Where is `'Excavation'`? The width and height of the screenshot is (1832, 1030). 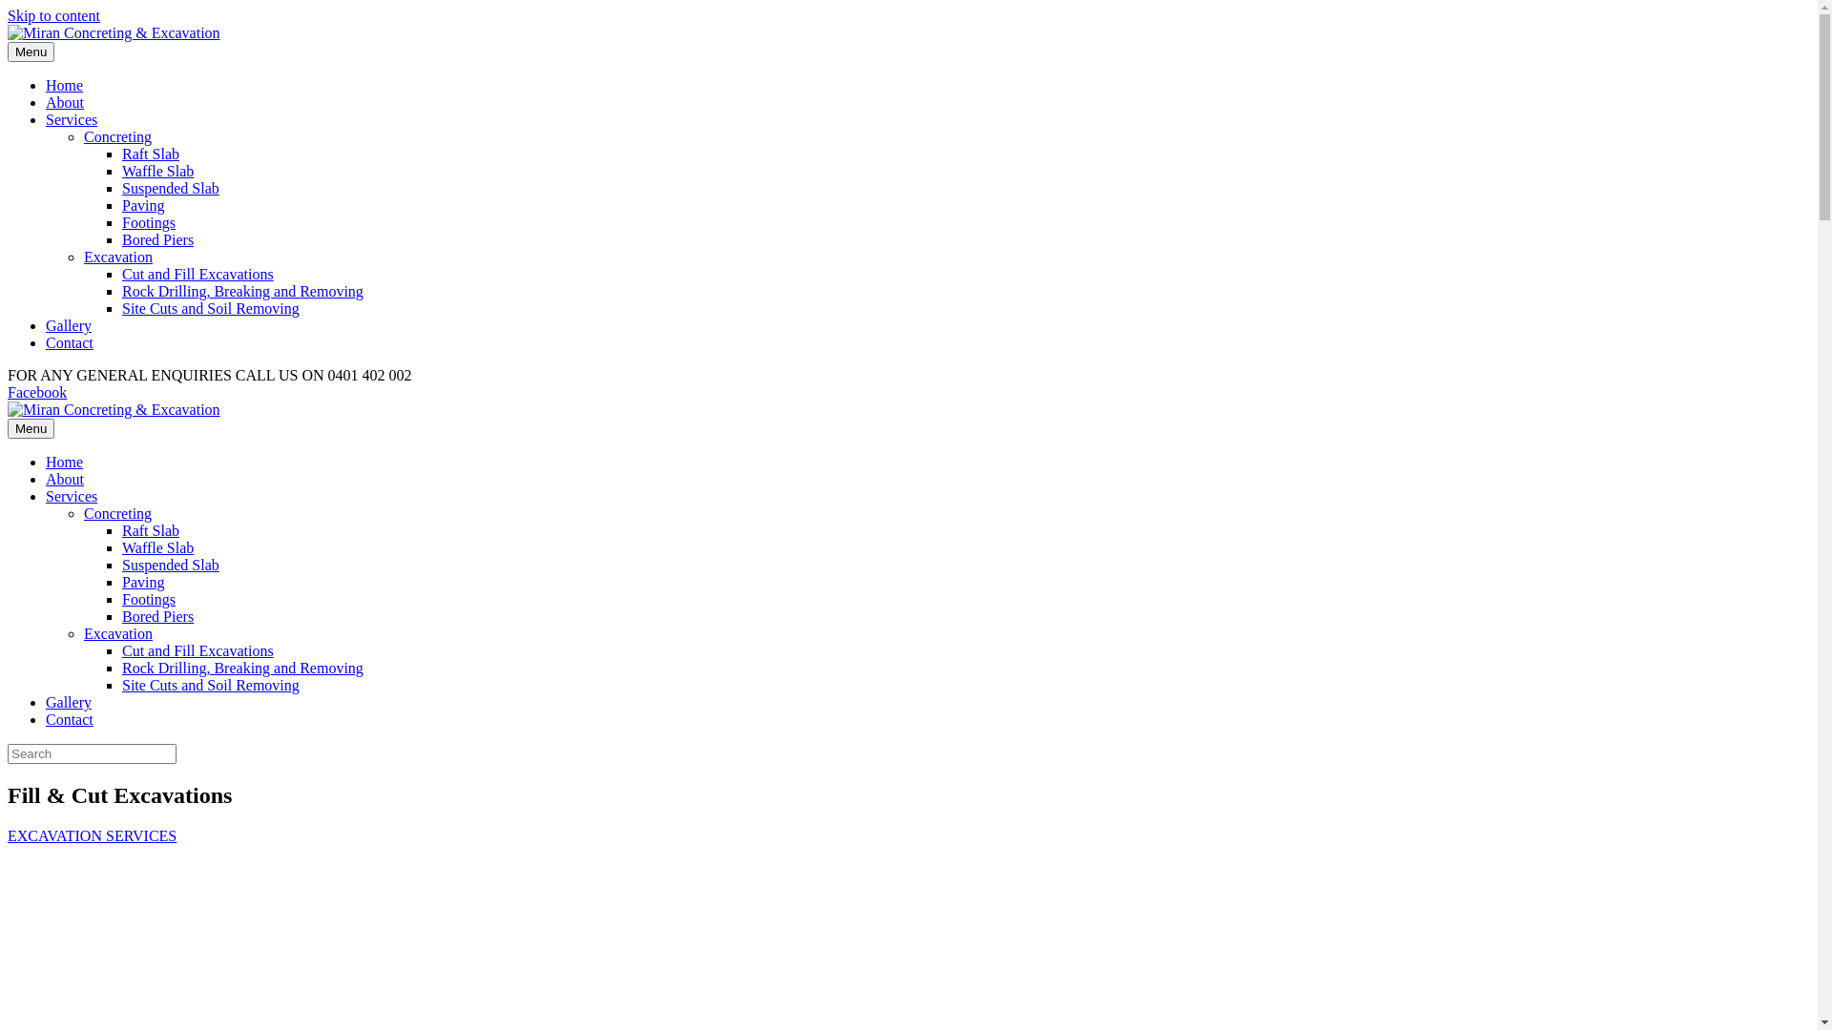
'Excavation' is located at coordinates (117, 633).